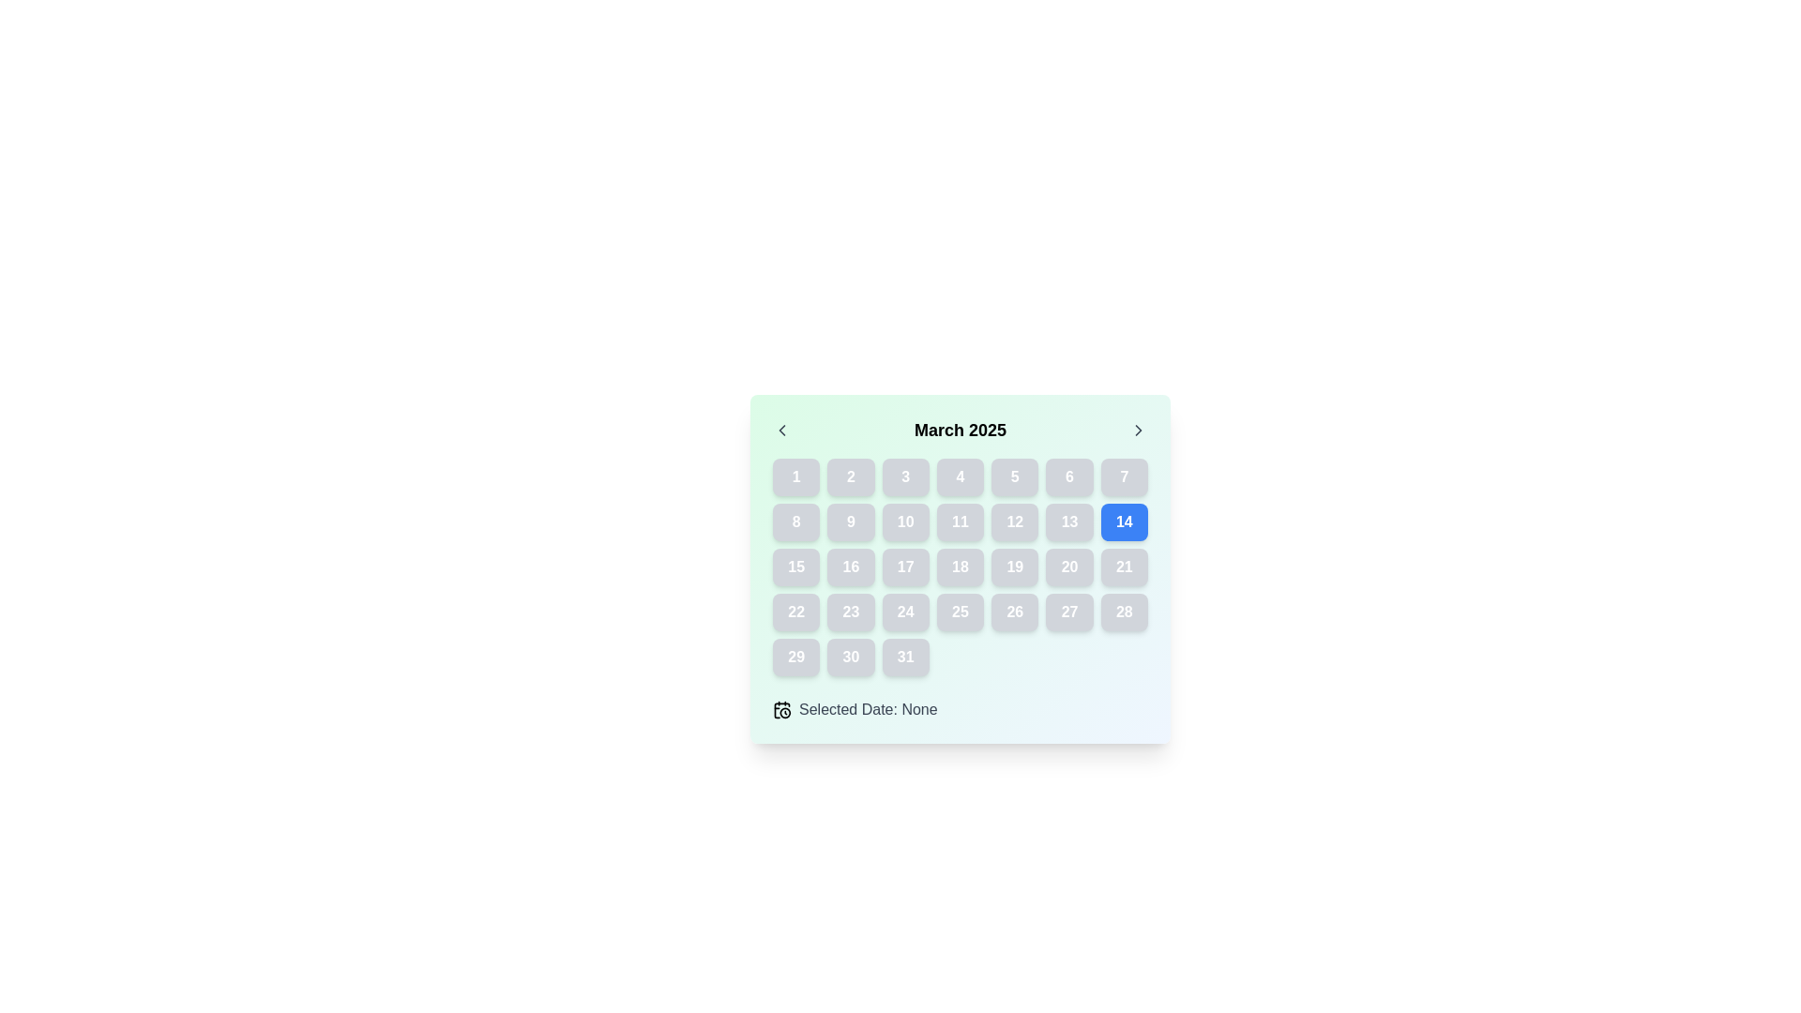 This screenshot has height=1013, width=1801. I want to click on the button for the 16th day of the month in the calendar grid to change its background color, so click(850, 567).